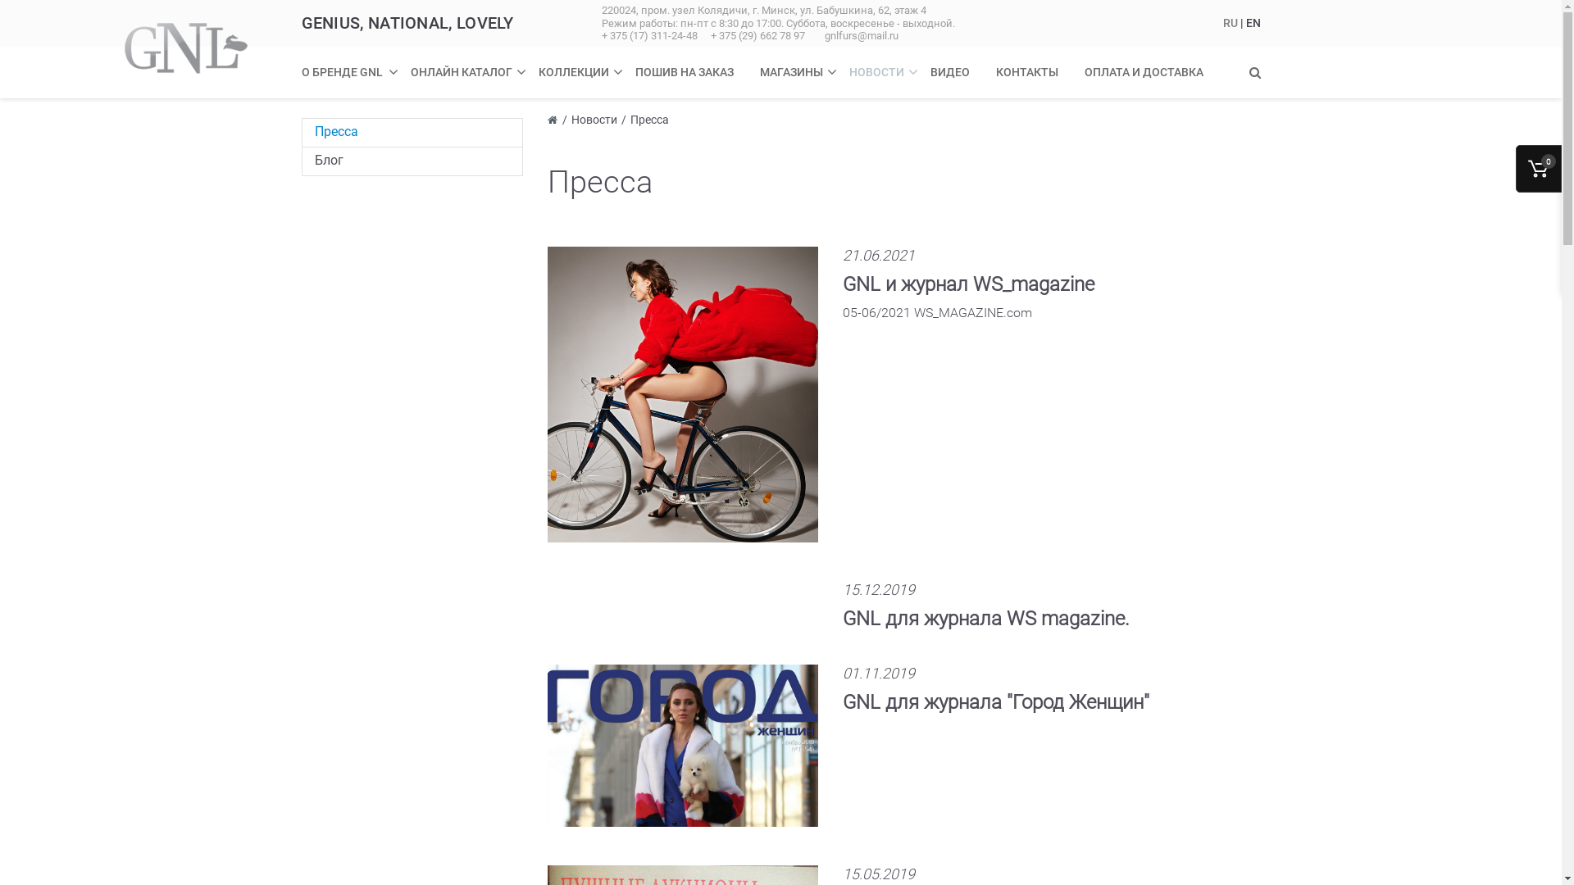 Image resolution: width=1574 pixels, height=885 pixels. Describe the element at coordinates (861, 35) in the screenshot. I see `'gnlfurs@mail.ru'` at that location.